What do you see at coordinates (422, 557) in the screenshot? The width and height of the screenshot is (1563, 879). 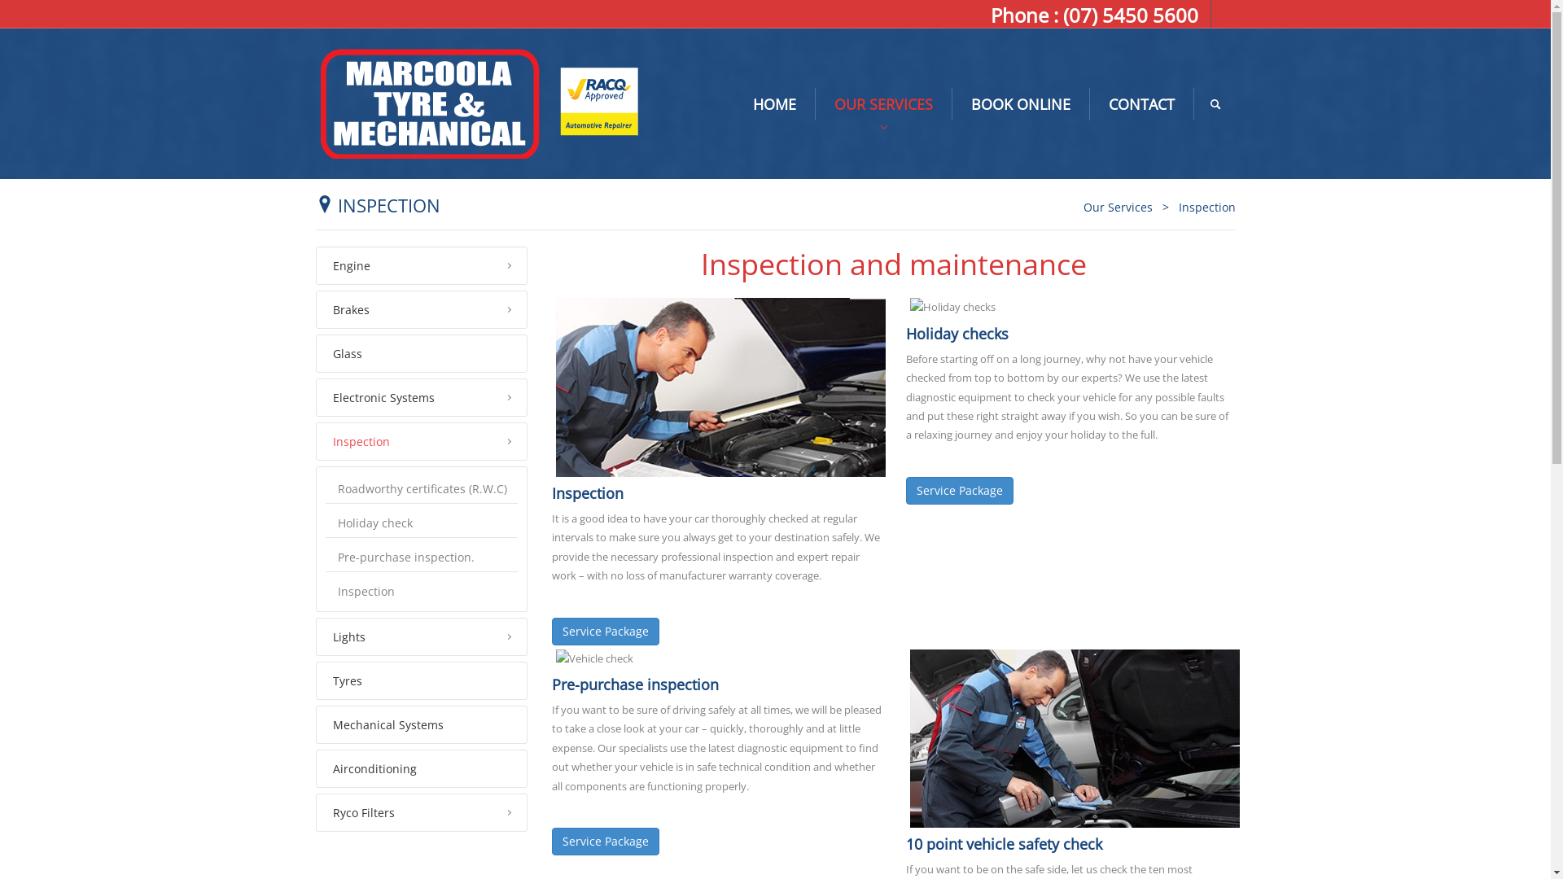 I see `'Pre-purchase inspection.'` at bounding box center [422, 557].